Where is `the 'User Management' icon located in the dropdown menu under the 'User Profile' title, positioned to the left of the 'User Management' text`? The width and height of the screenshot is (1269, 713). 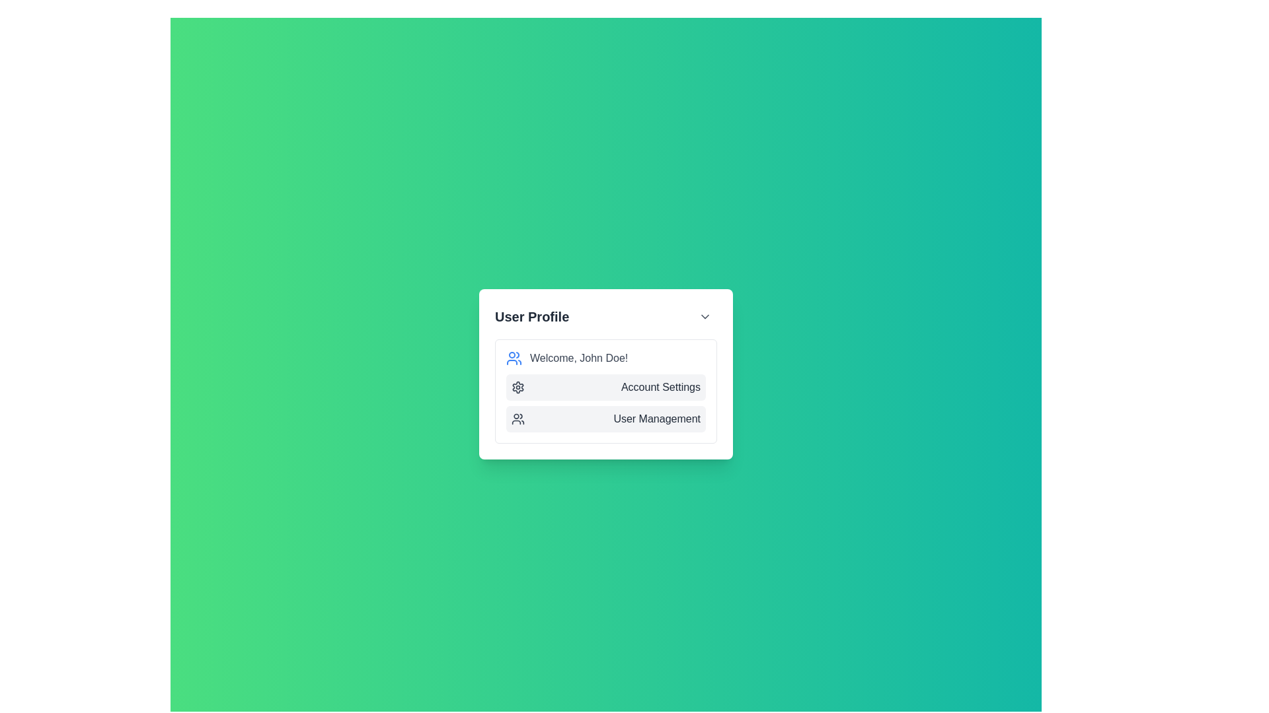 the 'User Management' icon located in the dropdown menu under the 'User Profile' title, positioned to the left of the 'User Management' text is located at coordinates (517, 419).